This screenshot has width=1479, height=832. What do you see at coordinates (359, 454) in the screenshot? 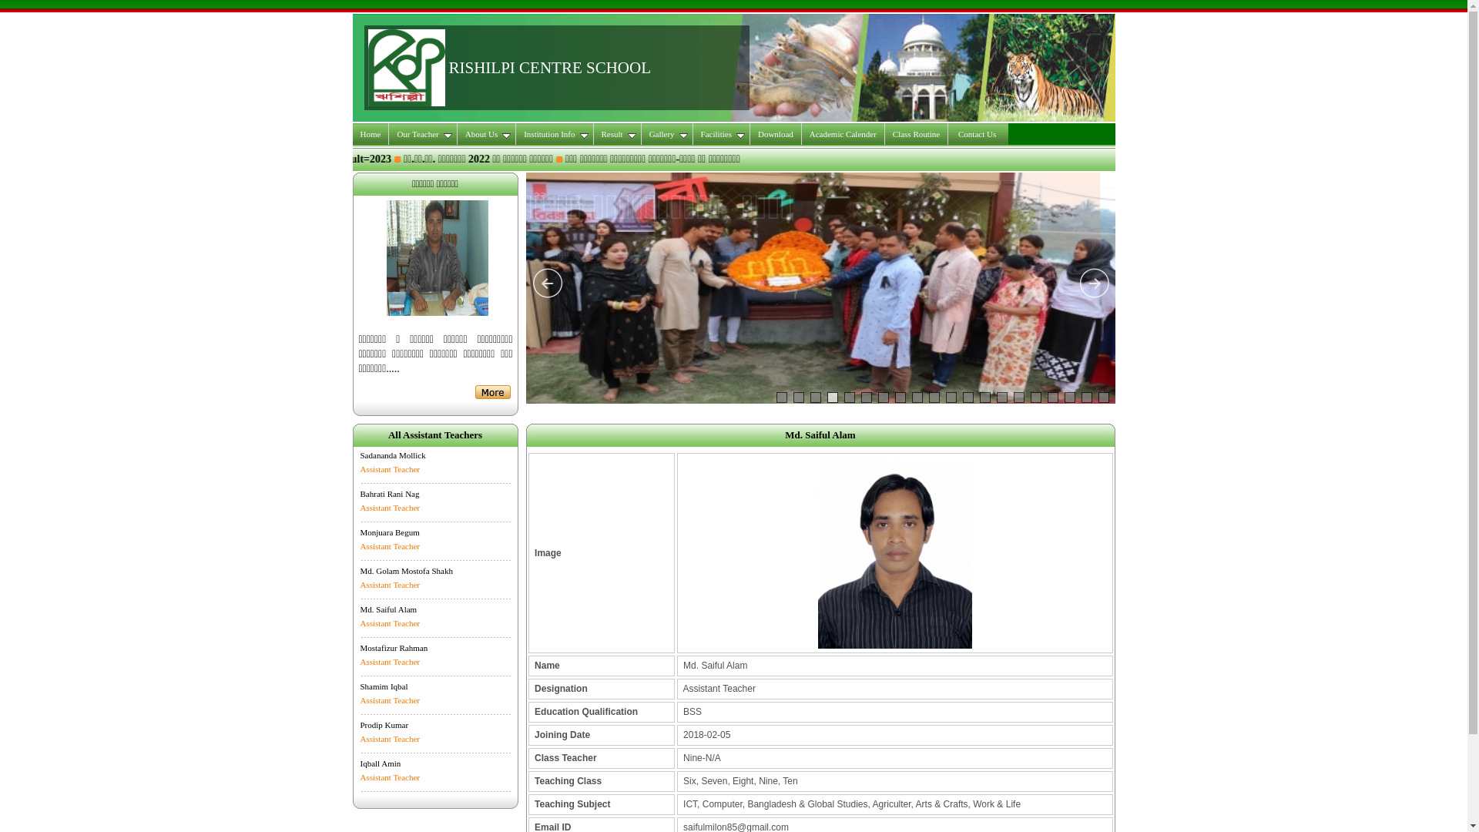
I see `'Sadananda Mollick'` at bounding box center [359, 454].